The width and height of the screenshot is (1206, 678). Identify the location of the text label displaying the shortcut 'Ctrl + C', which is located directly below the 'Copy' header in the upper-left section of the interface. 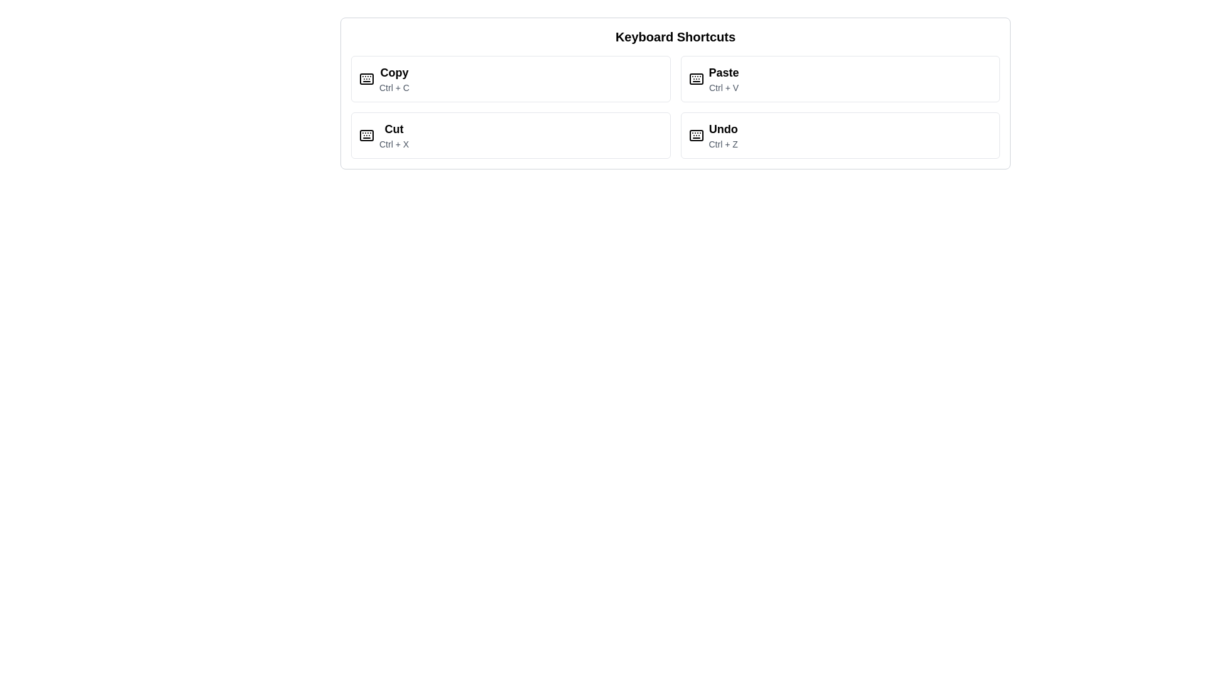
(393, 87).